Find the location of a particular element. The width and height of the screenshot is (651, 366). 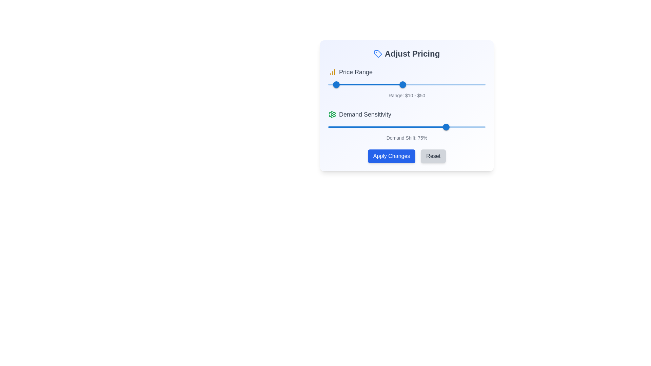

the Demand Sensitivity value is located at coordinates (427, 127).